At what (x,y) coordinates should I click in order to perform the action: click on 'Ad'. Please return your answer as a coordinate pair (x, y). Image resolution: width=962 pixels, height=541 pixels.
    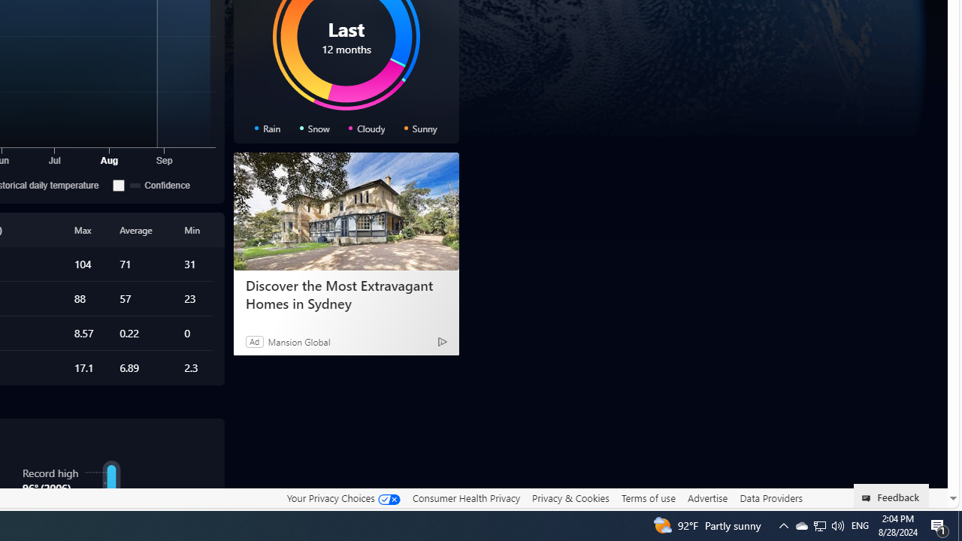
    Looking at the image, I should click on (254, 341).